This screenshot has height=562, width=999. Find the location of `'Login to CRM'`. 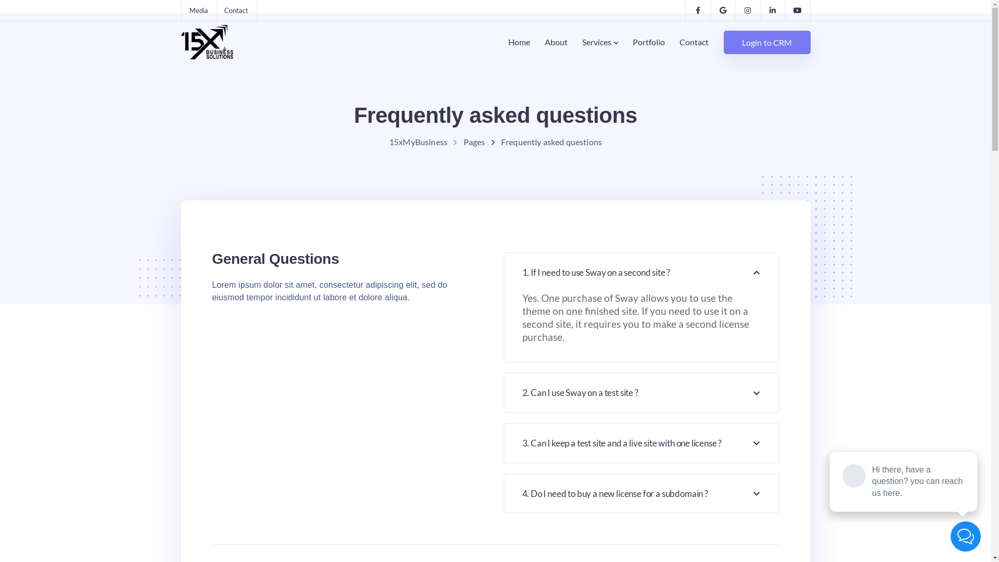

'Login to CRM' is located at coordinates (767, 41).